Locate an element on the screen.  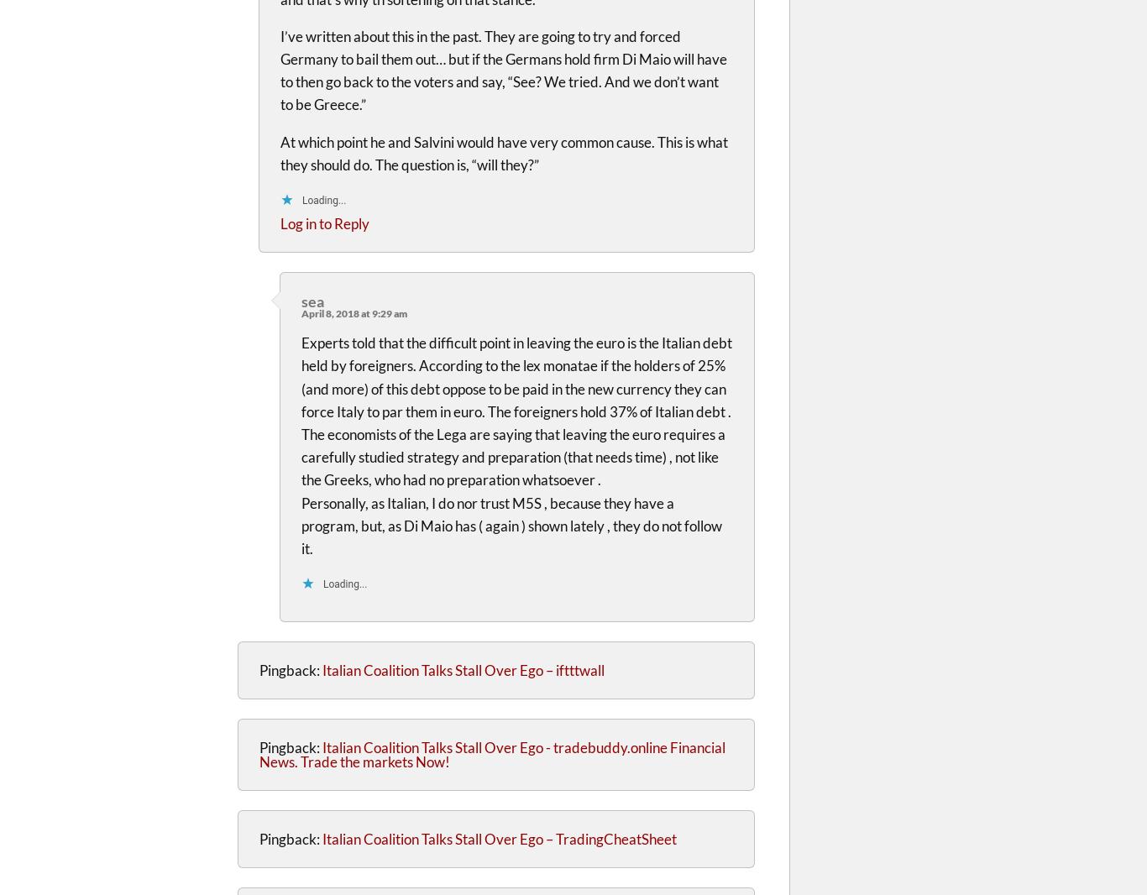
'Log in to Reply' is located at coordinates (323, 222).